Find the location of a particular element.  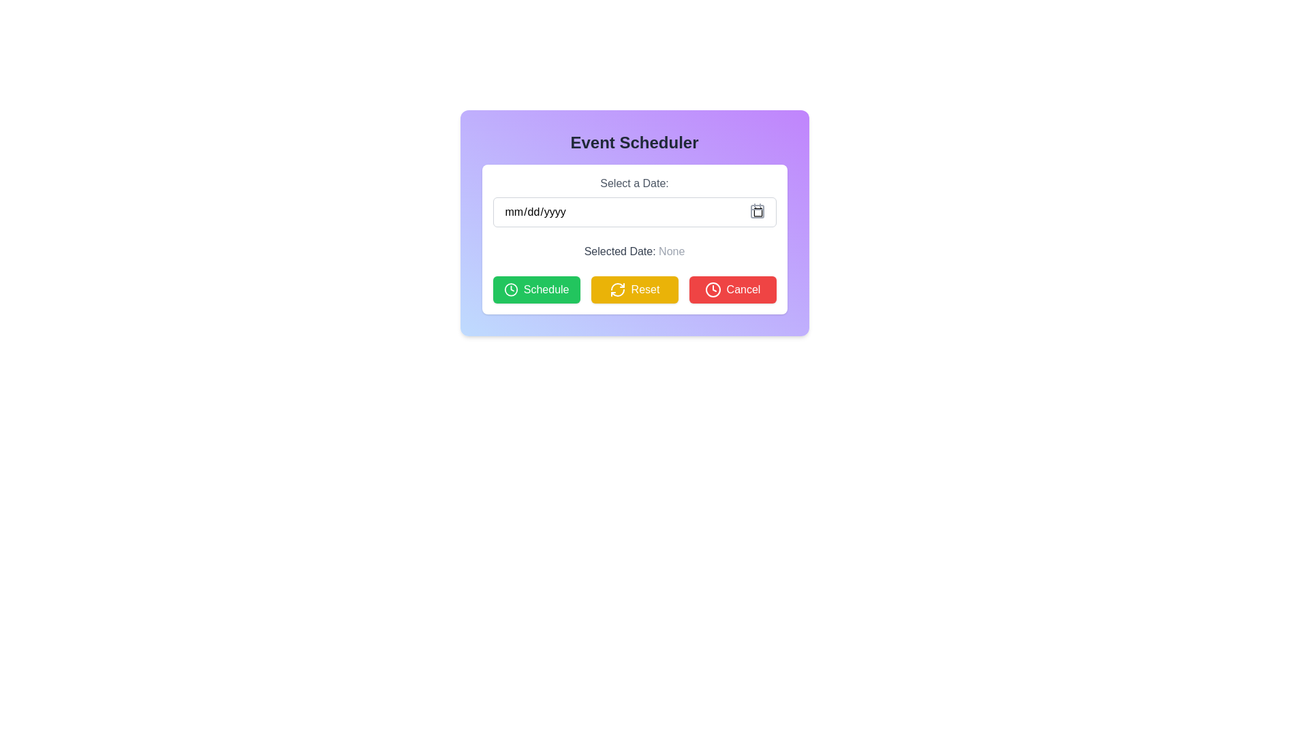

the circular arrow icon inside the yellow 'Reset' button, which is the middle button among three buttons below the date picker field is located at coordinates (617, 289).